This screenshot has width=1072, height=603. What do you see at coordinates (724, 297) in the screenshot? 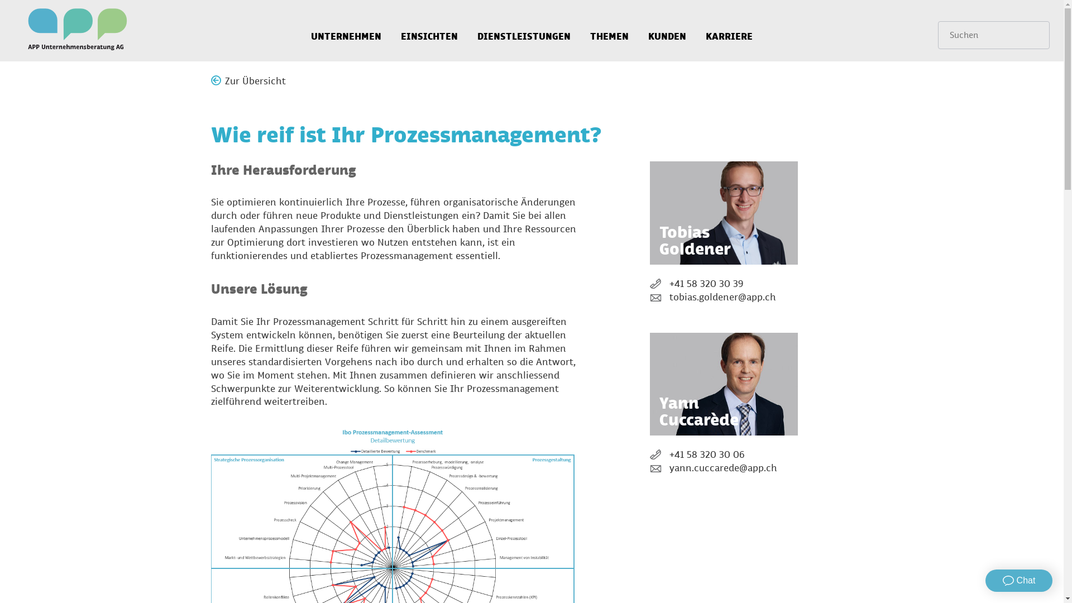
I see `'tobias.goldener@app.ch'` at bounding box center [724, 297].